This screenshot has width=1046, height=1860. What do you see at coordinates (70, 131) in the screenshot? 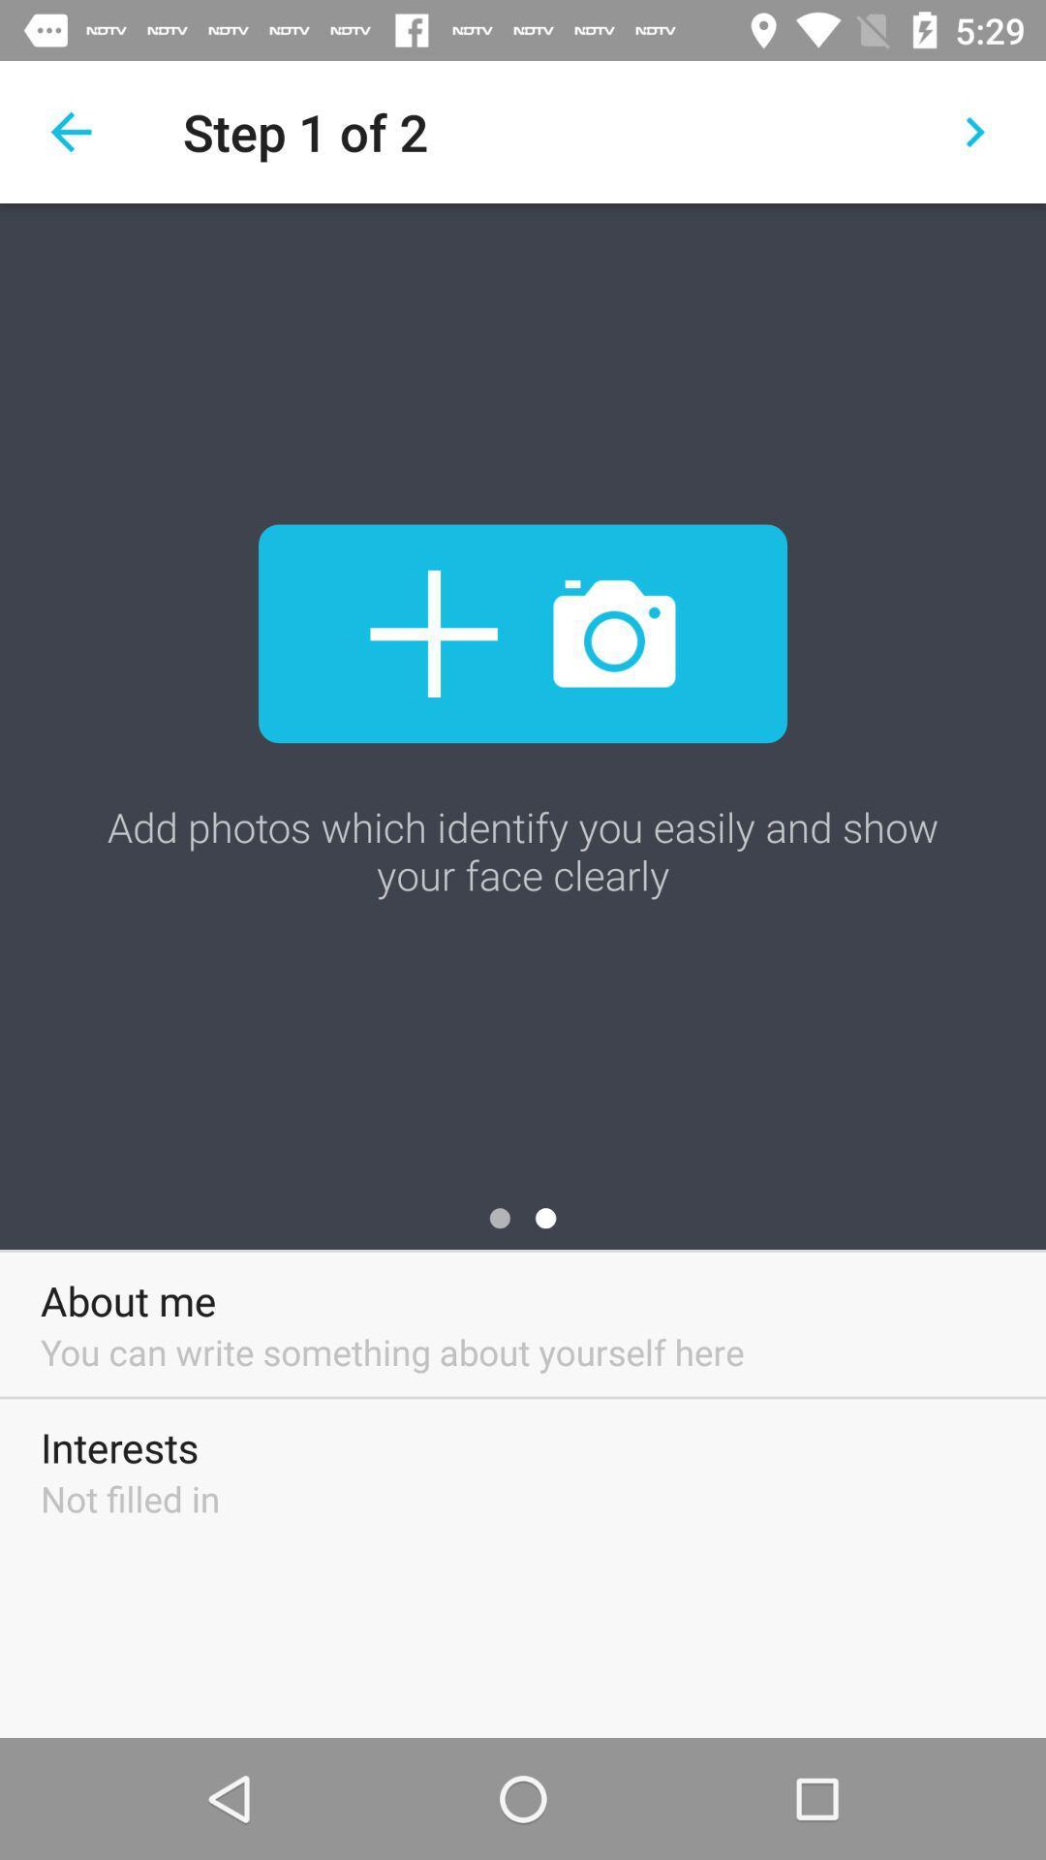
I see `the item above add photos which` at bounding box center [70, 131].